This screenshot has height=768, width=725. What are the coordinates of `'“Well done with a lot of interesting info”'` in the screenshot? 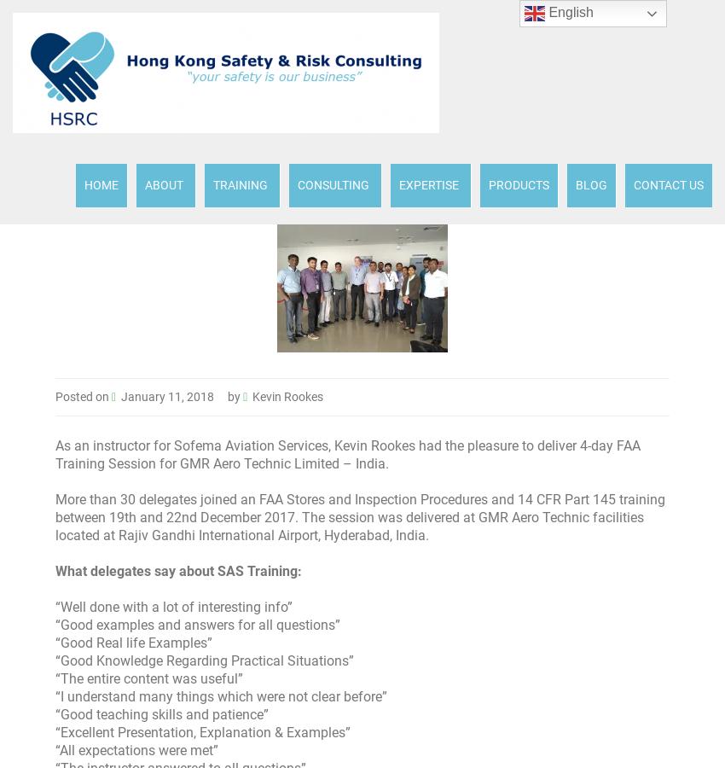 It's located at (173, 606).